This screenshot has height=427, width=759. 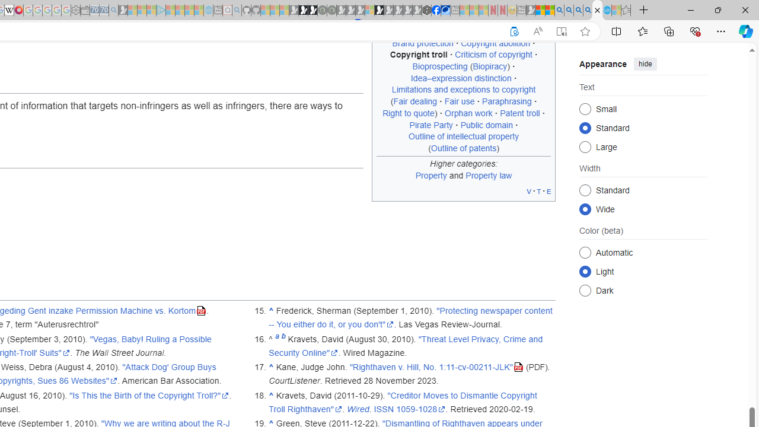 What do you see at coordinates (439, 66) in the screenshot?
I see `'Bioprospecting'` at bounding box center [439, 66].